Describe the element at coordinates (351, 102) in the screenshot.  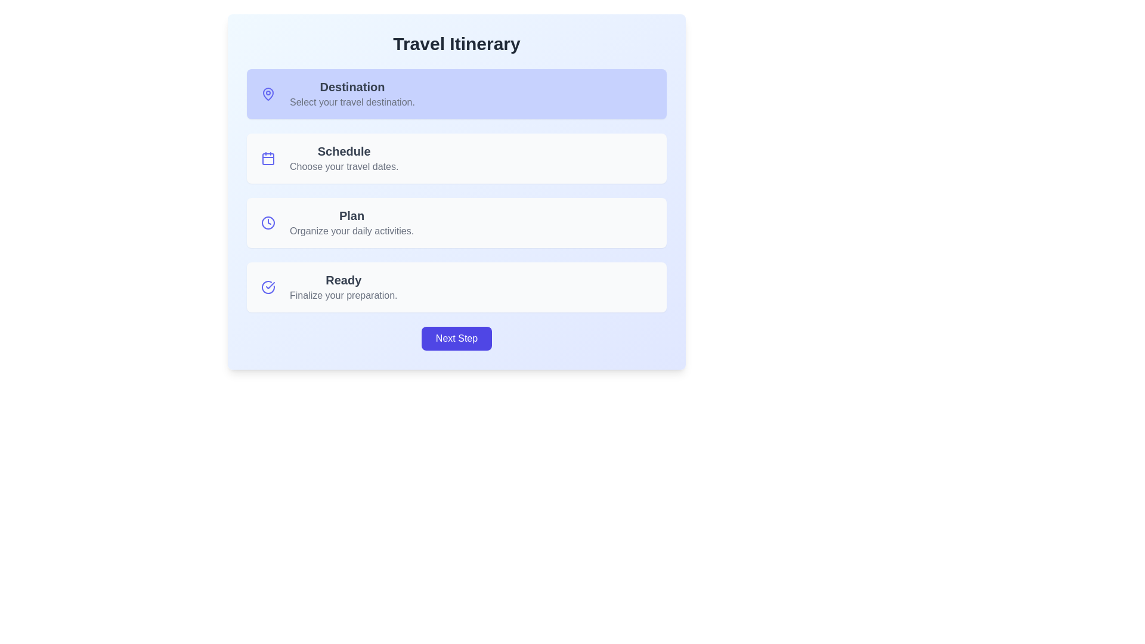
I see `the static text label displaying 'Select your travel destination.' located beneath the bold 'Destination' title in the highlighted section at the top of the step-based interface` at that location.